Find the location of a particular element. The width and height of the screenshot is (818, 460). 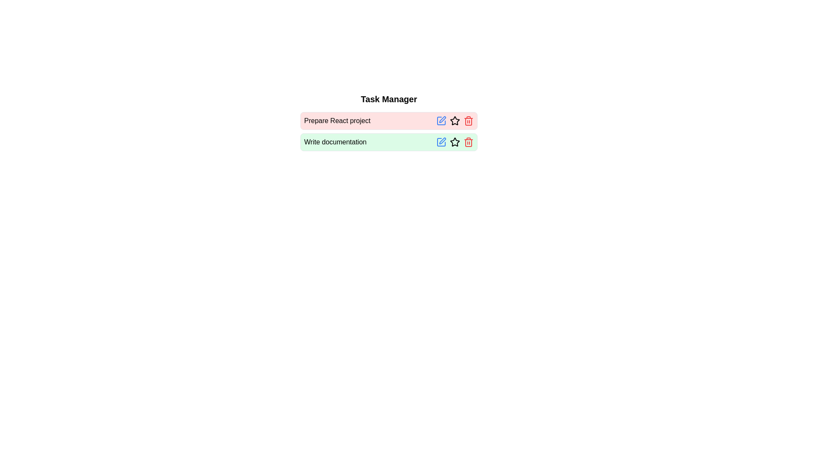

the star icon in the upper task section for 'Prepare React project' is located at coordinates (455, 121).